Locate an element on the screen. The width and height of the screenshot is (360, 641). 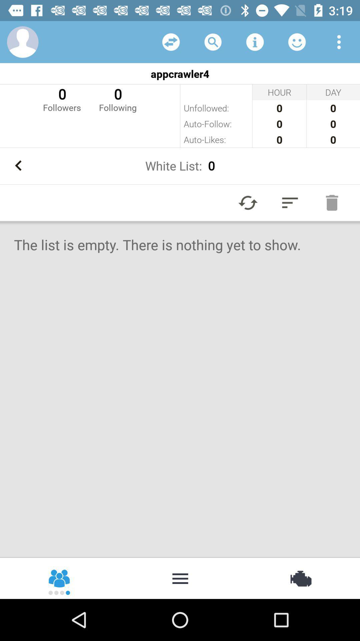
icon above the the list is icon is located at coordinates (332, 202).